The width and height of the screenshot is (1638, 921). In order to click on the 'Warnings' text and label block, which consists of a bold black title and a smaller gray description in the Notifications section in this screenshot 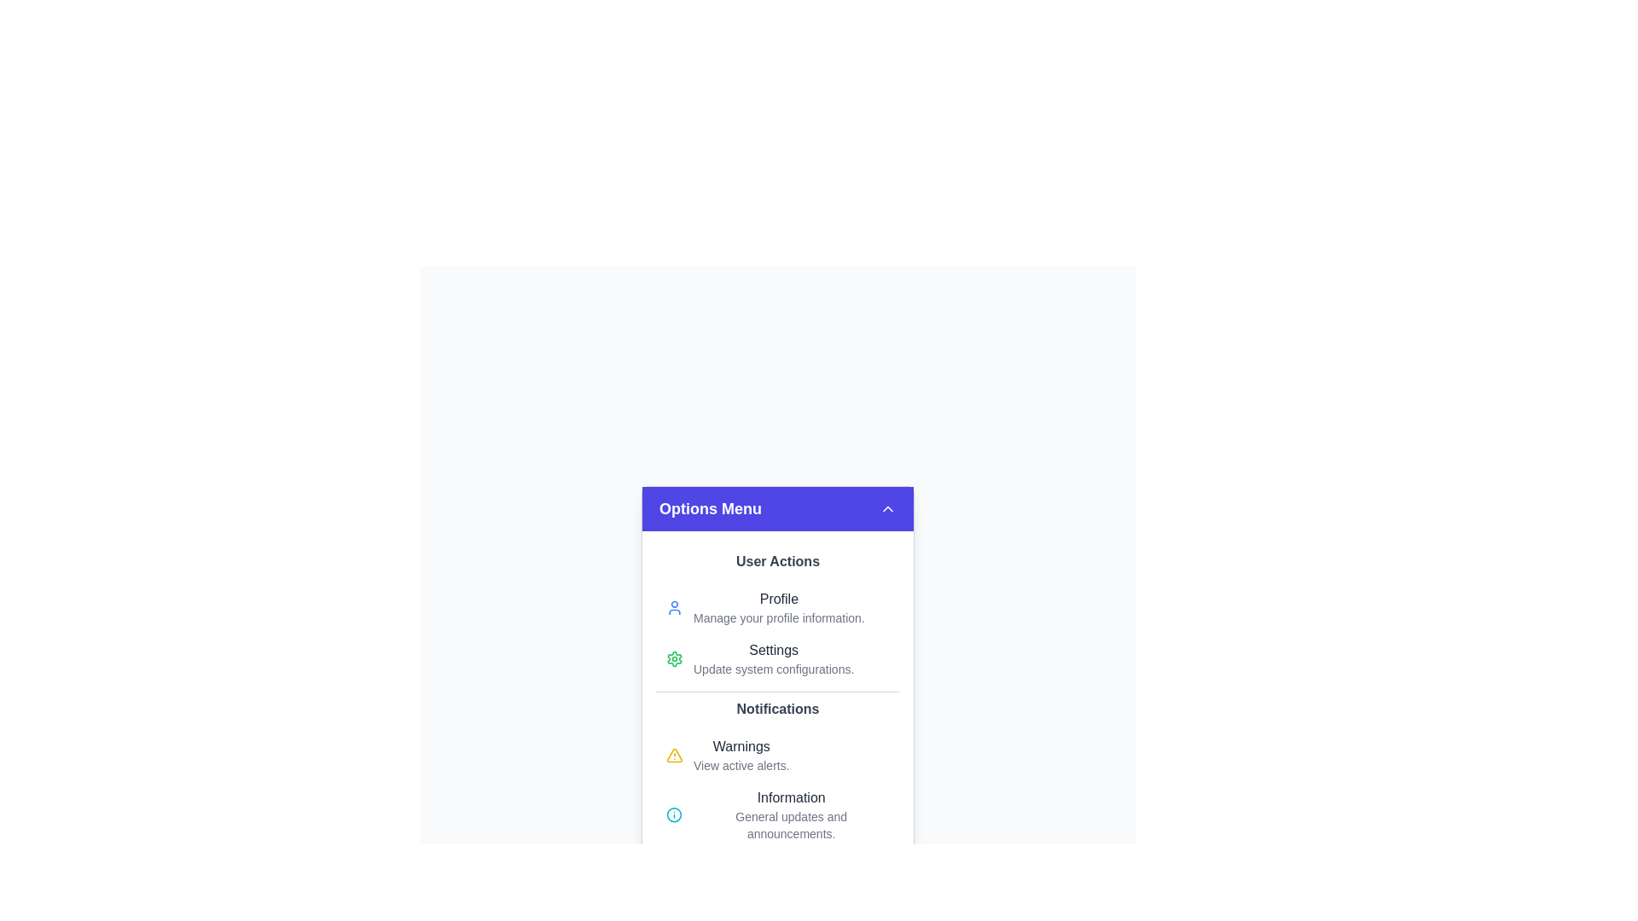, I will do `click(741, 755)`.